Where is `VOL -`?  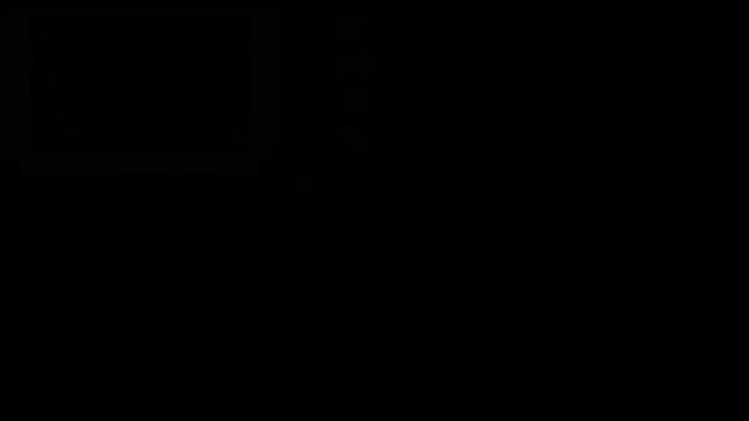 VOL - is located at coordinates (301, 158).